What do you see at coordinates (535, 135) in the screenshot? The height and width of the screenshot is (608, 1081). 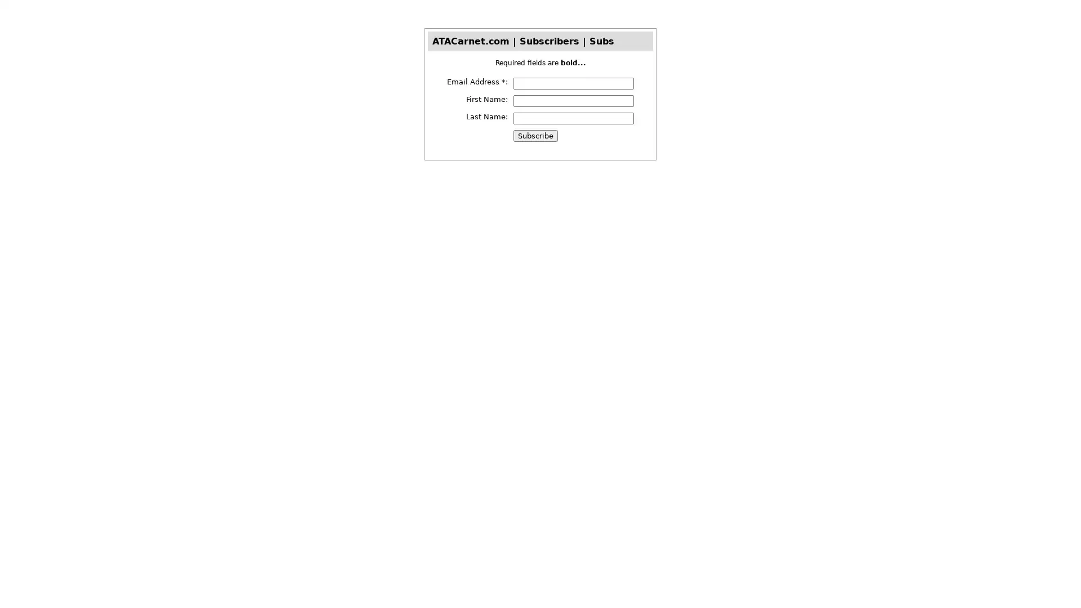 I see `Subscribe` at bounding box center [535, 135].